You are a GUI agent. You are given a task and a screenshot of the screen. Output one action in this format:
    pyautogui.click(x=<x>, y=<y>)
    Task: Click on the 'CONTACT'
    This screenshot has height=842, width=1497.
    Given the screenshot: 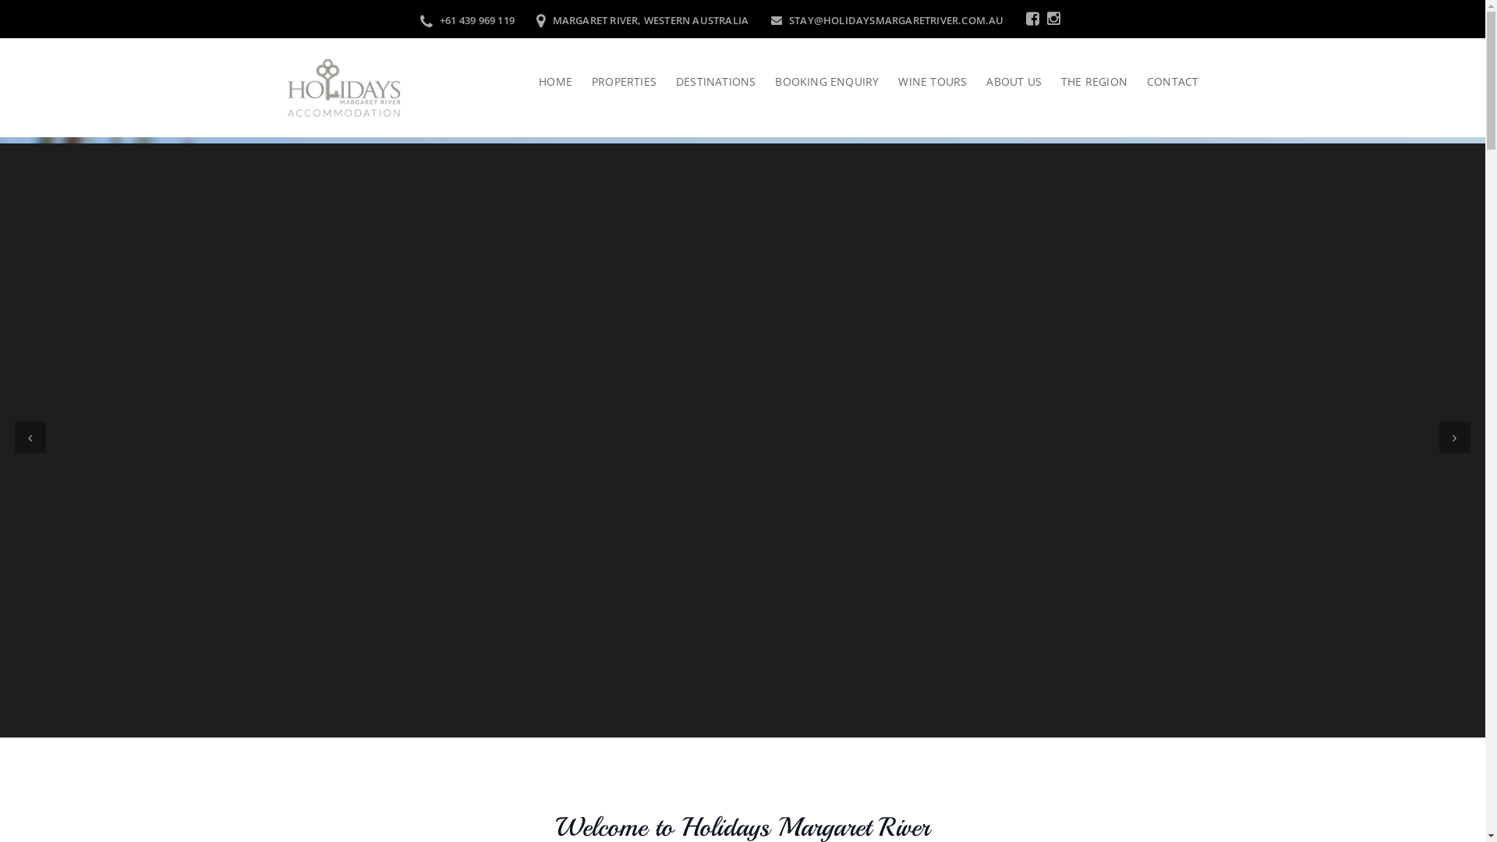 What is the action you would take?
    pyautogui.click(x=1163, y=81)
    